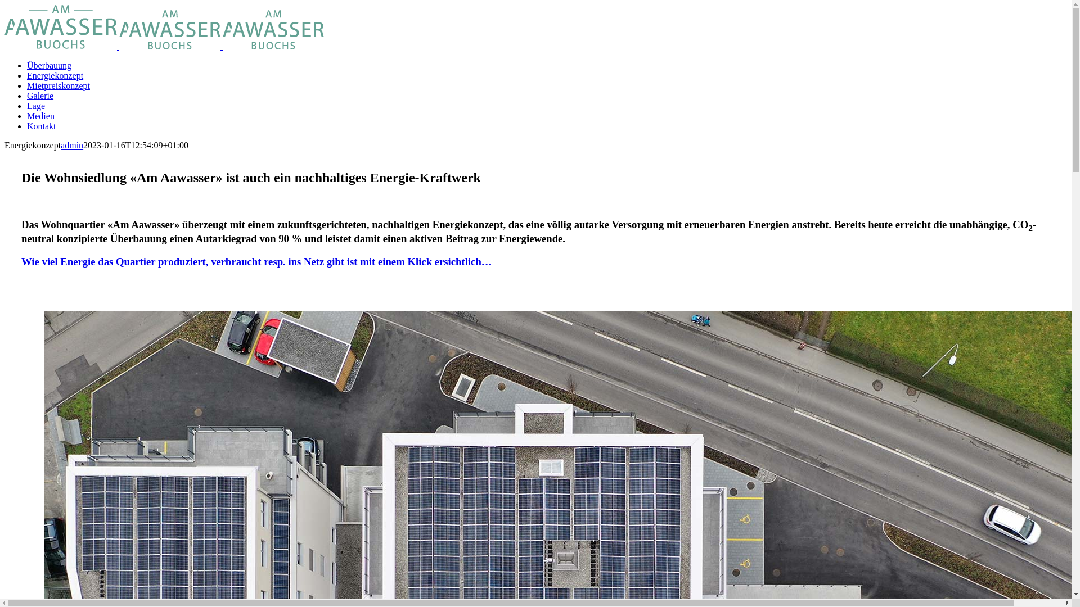  I want to click on 'Galerie', so click(27, 95).